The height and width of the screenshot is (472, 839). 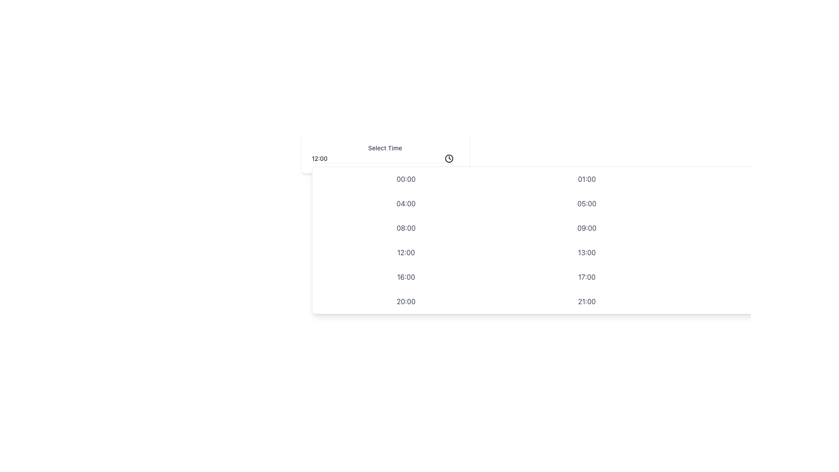 I want to click on the time selection button (00:00) in the time picker interface located in the first row and first column of the grid, so click(x=406, y=178).